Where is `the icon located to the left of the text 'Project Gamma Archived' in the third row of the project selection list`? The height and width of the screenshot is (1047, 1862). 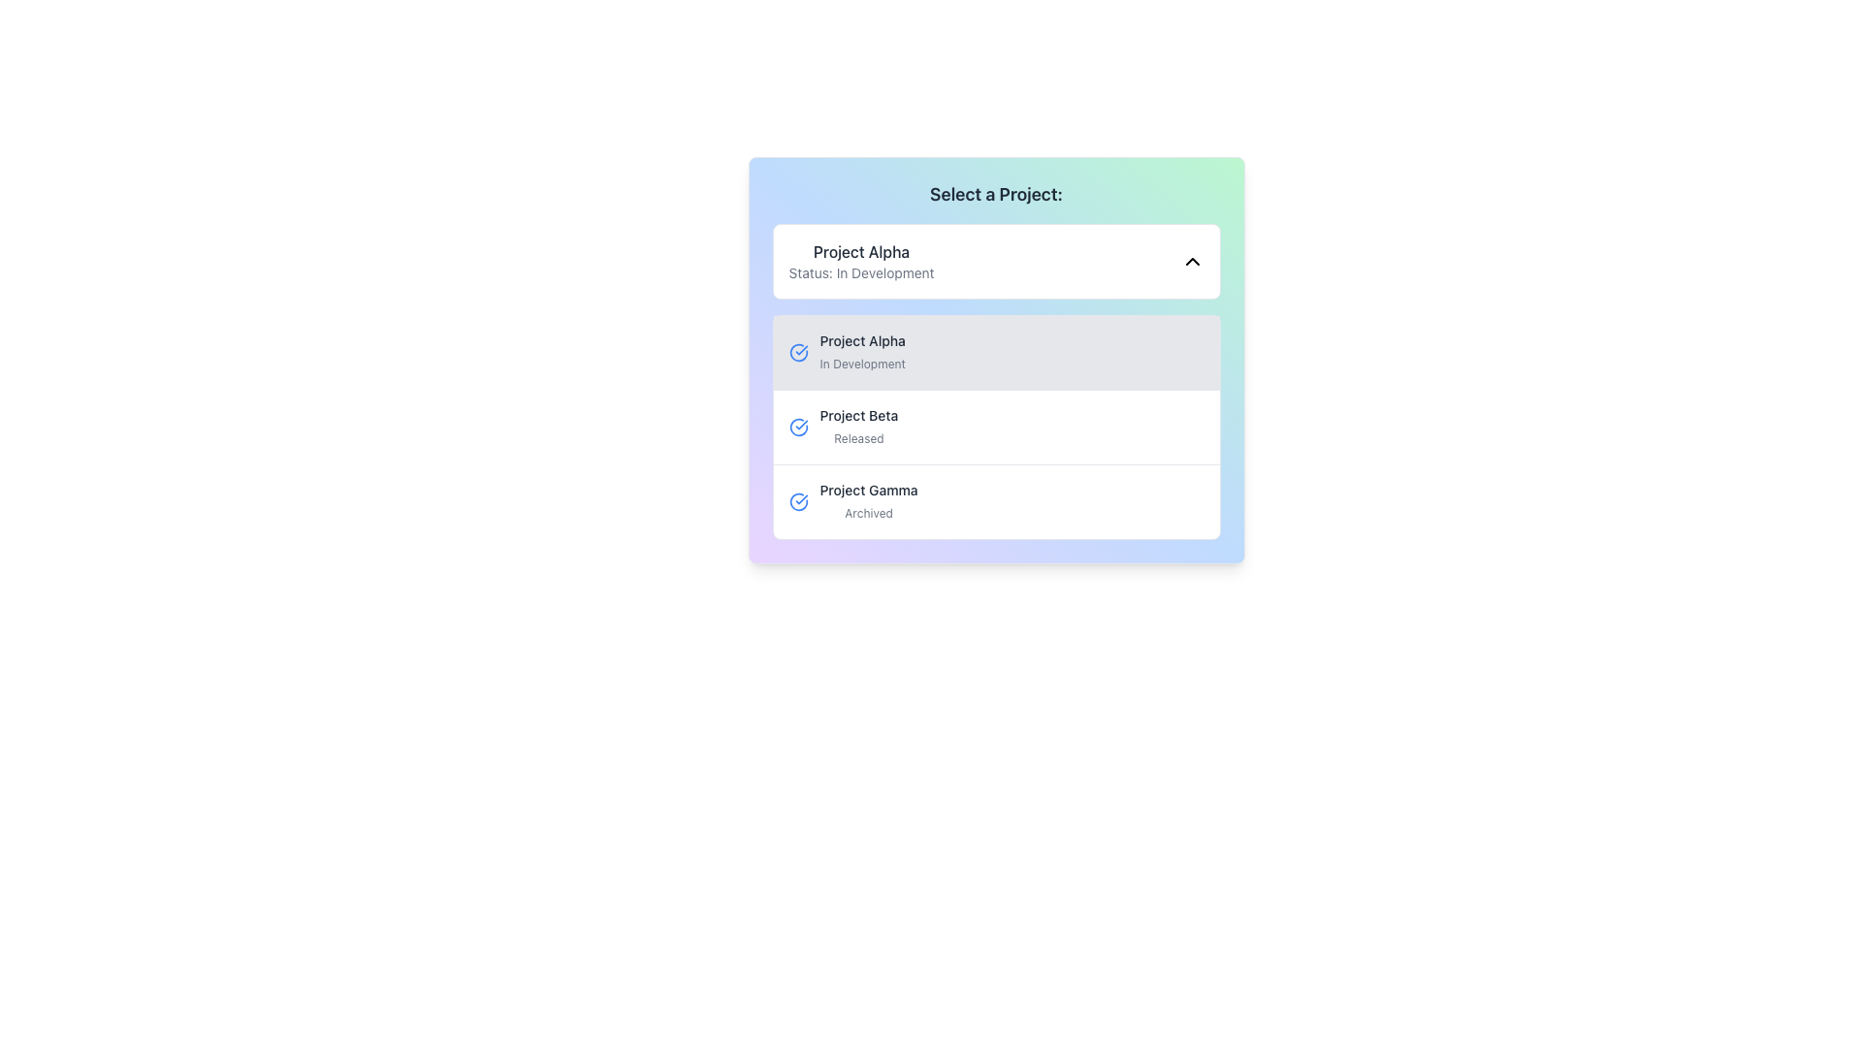 the icon located to the left of the text 'Project Gamma Archived' in the third row of the project selection list is located at coordinates (798, 500).